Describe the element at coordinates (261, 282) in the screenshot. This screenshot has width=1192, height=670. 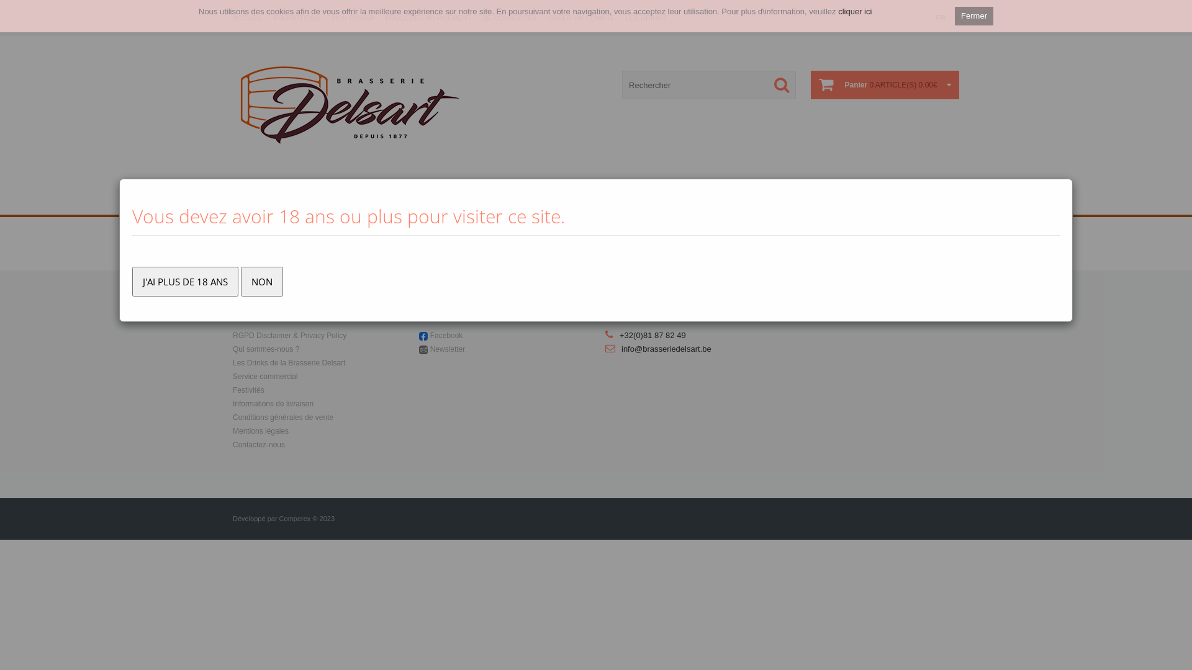
I see `'NON'` at that location.